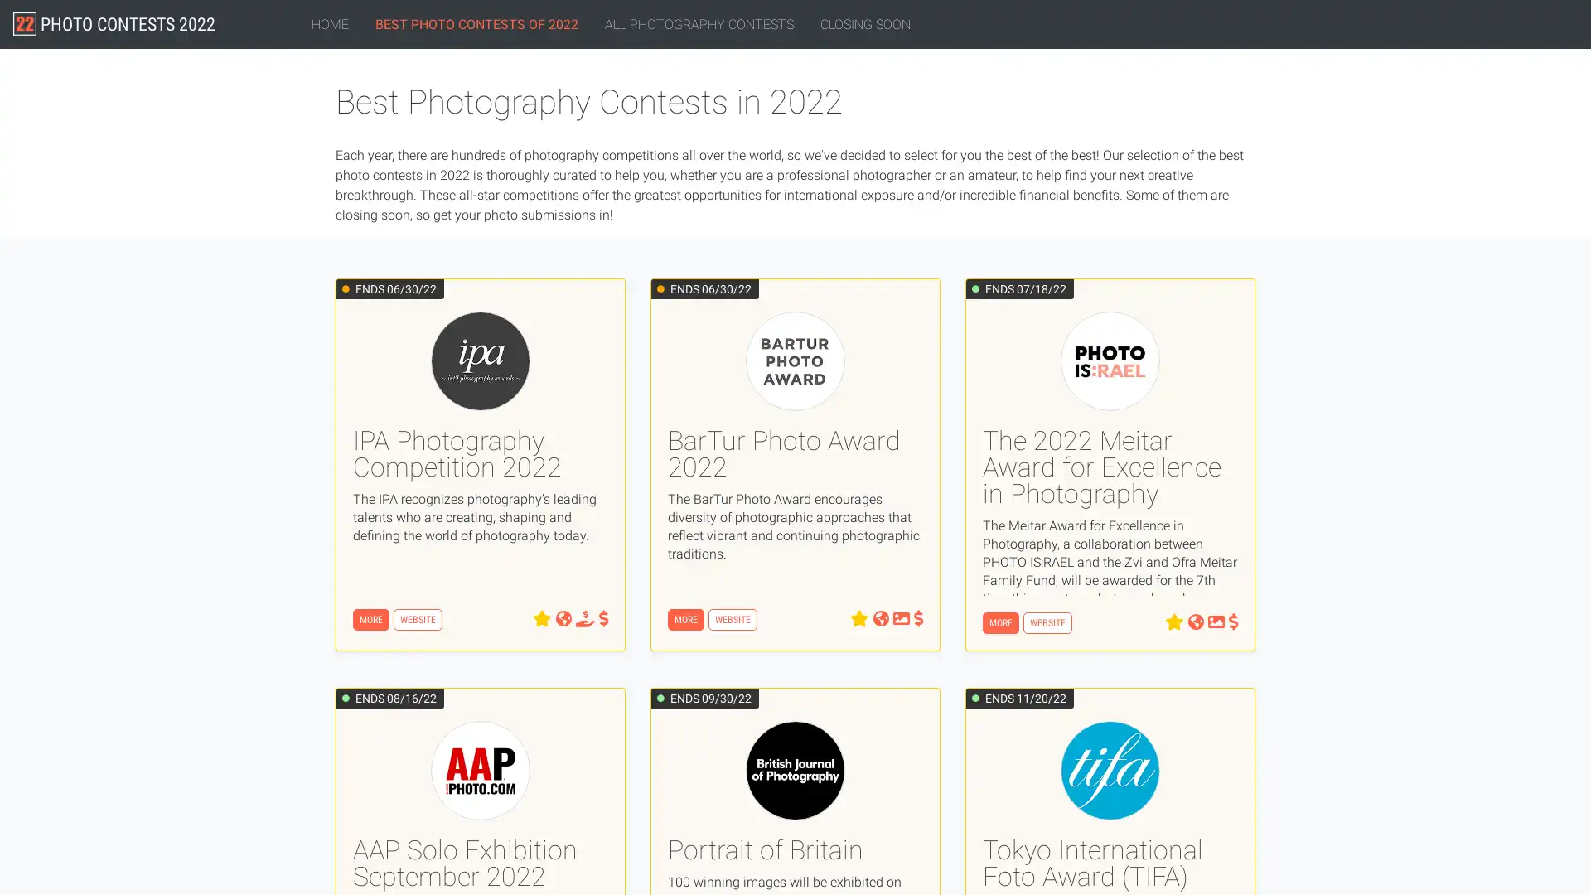  Describe the element at coordinates (1047, 623) in the screenshot. I see `WEBSITE` at that location.